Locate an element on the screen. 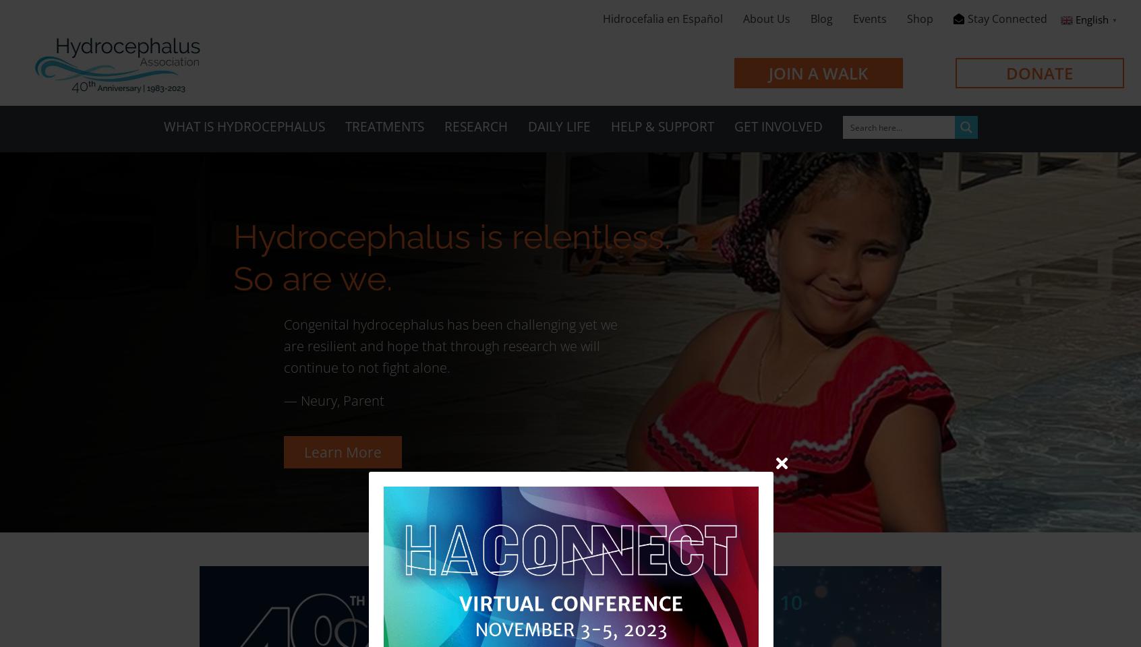  'Treatments' is located at coordinates (383, 126).